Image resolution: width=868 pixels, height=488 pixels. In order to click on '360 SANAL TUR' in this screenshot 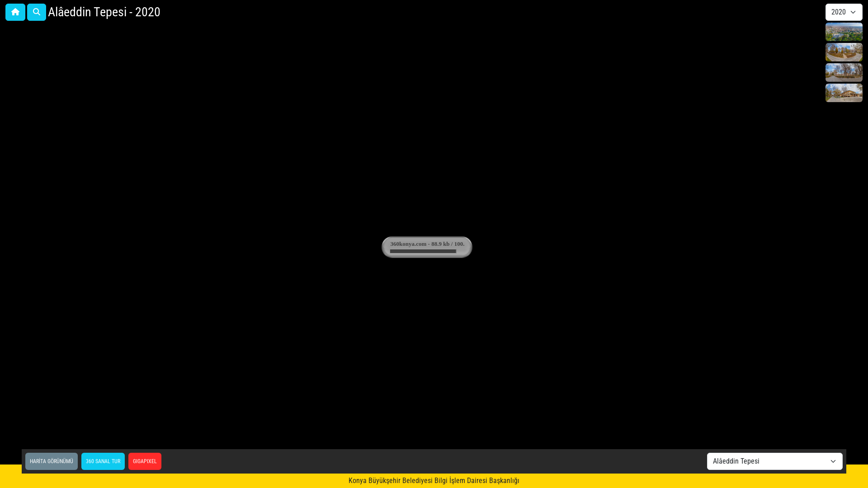, I will do `click(103, 461)`.